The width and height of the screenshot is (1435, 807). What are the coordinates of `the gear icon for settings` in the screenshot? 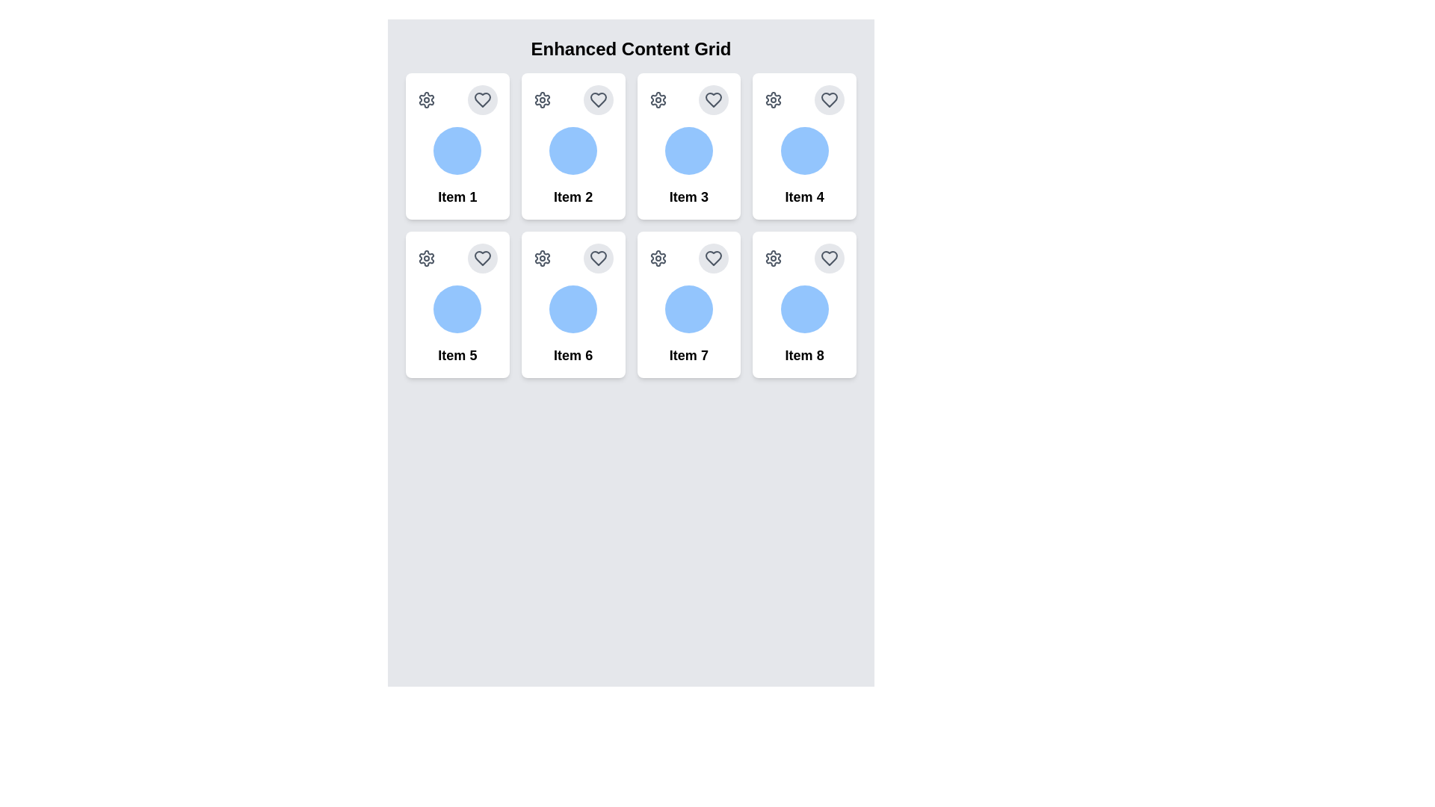 It's located at (426, 100).